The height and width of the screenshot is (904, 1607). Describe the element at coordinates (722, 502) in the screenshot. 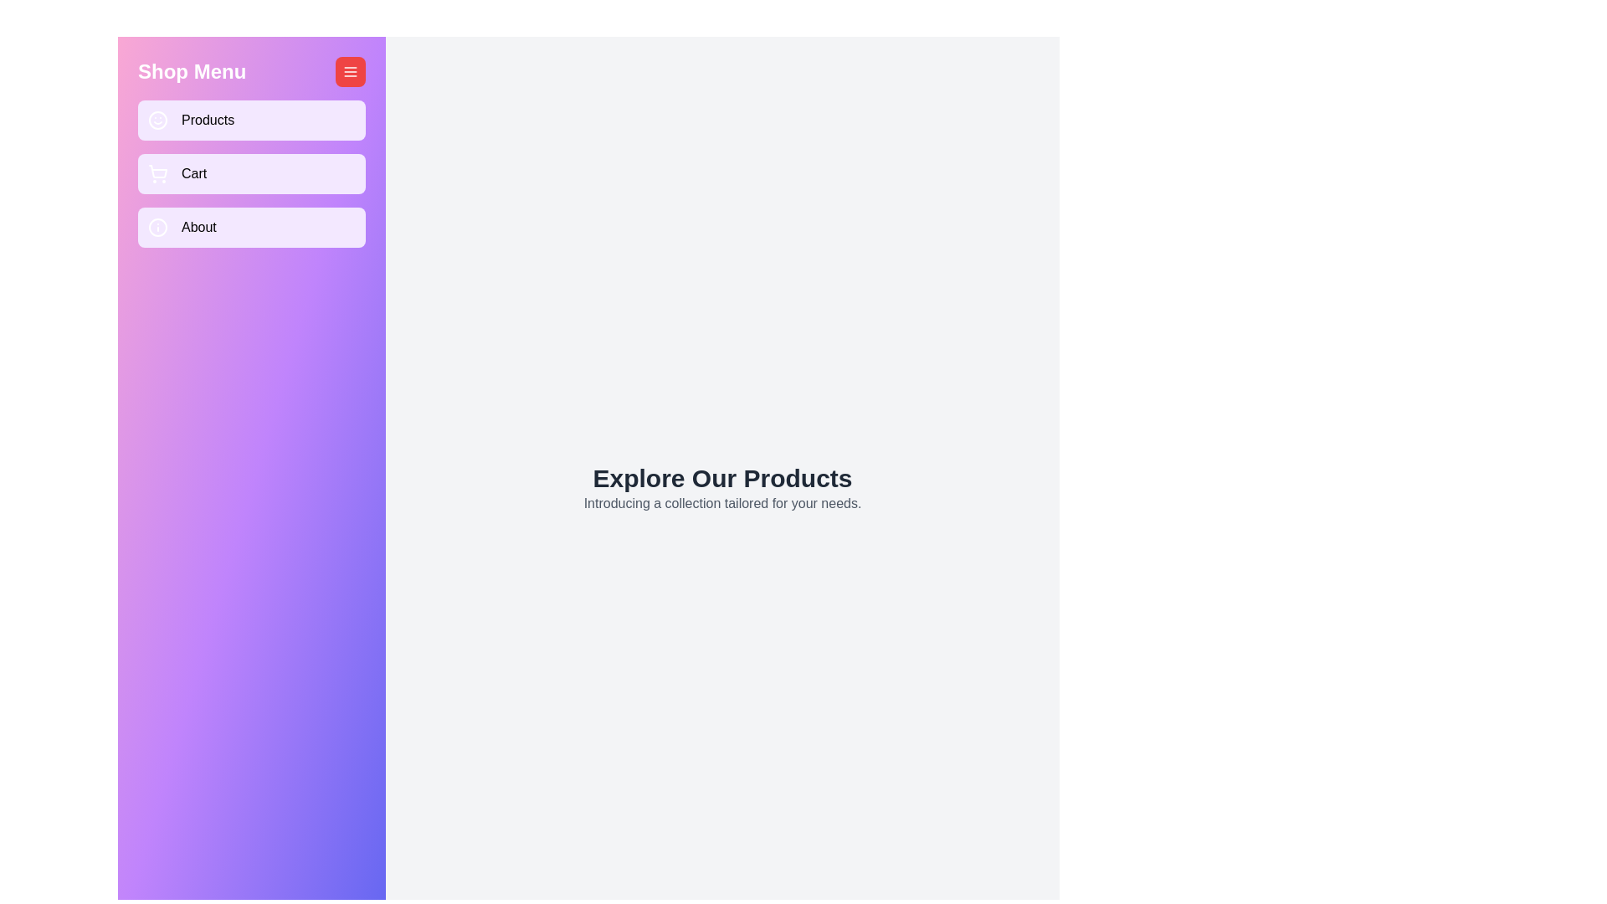

I see `the text element containing 'Introducing a collection tailored for your needs.'` at that location.